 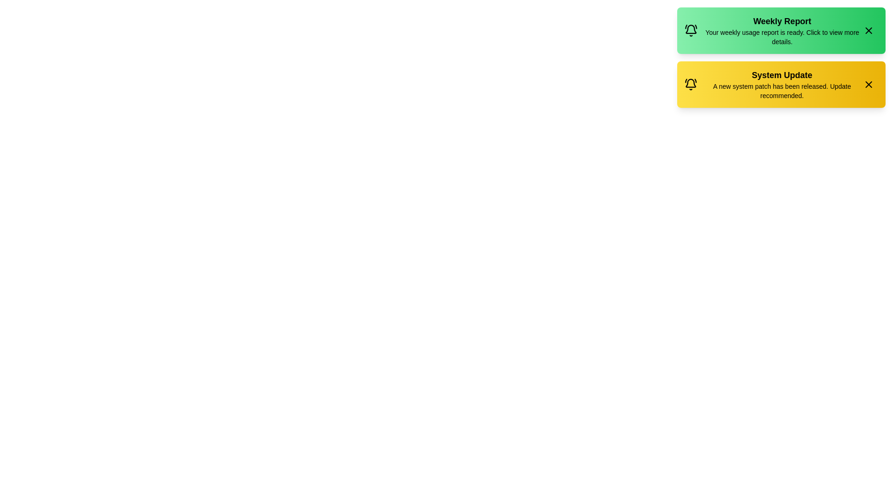 I want to click on the alert to copy its text content, so click(x=781, y=30).